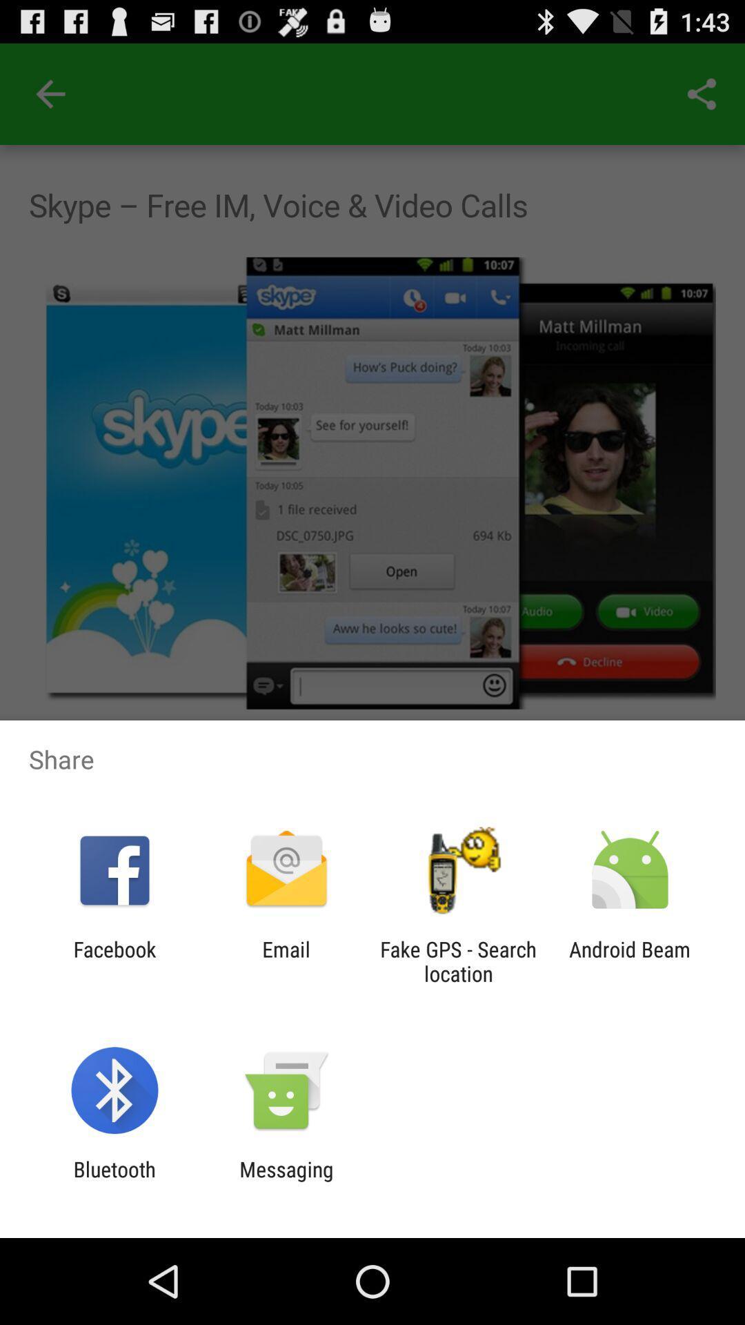 The width and height of the screenshot is (745, 1325). I want to click on the app next to bluetooth app, so click(286, 1181).